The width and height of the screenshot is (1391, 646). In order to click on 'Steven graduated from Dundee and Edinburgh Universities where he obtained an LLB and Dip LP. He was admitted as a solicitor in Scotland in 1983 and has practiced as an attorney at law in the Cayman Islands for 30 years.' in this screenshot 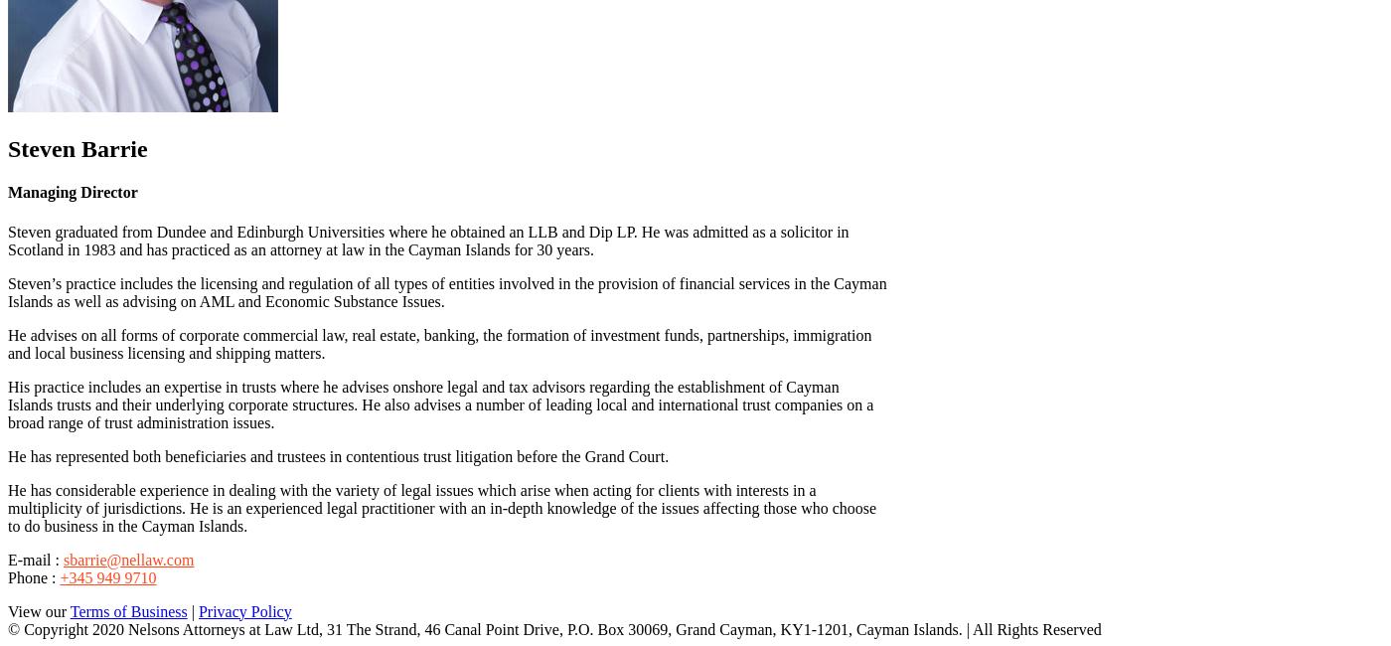, I will do `click(428, 239)`.